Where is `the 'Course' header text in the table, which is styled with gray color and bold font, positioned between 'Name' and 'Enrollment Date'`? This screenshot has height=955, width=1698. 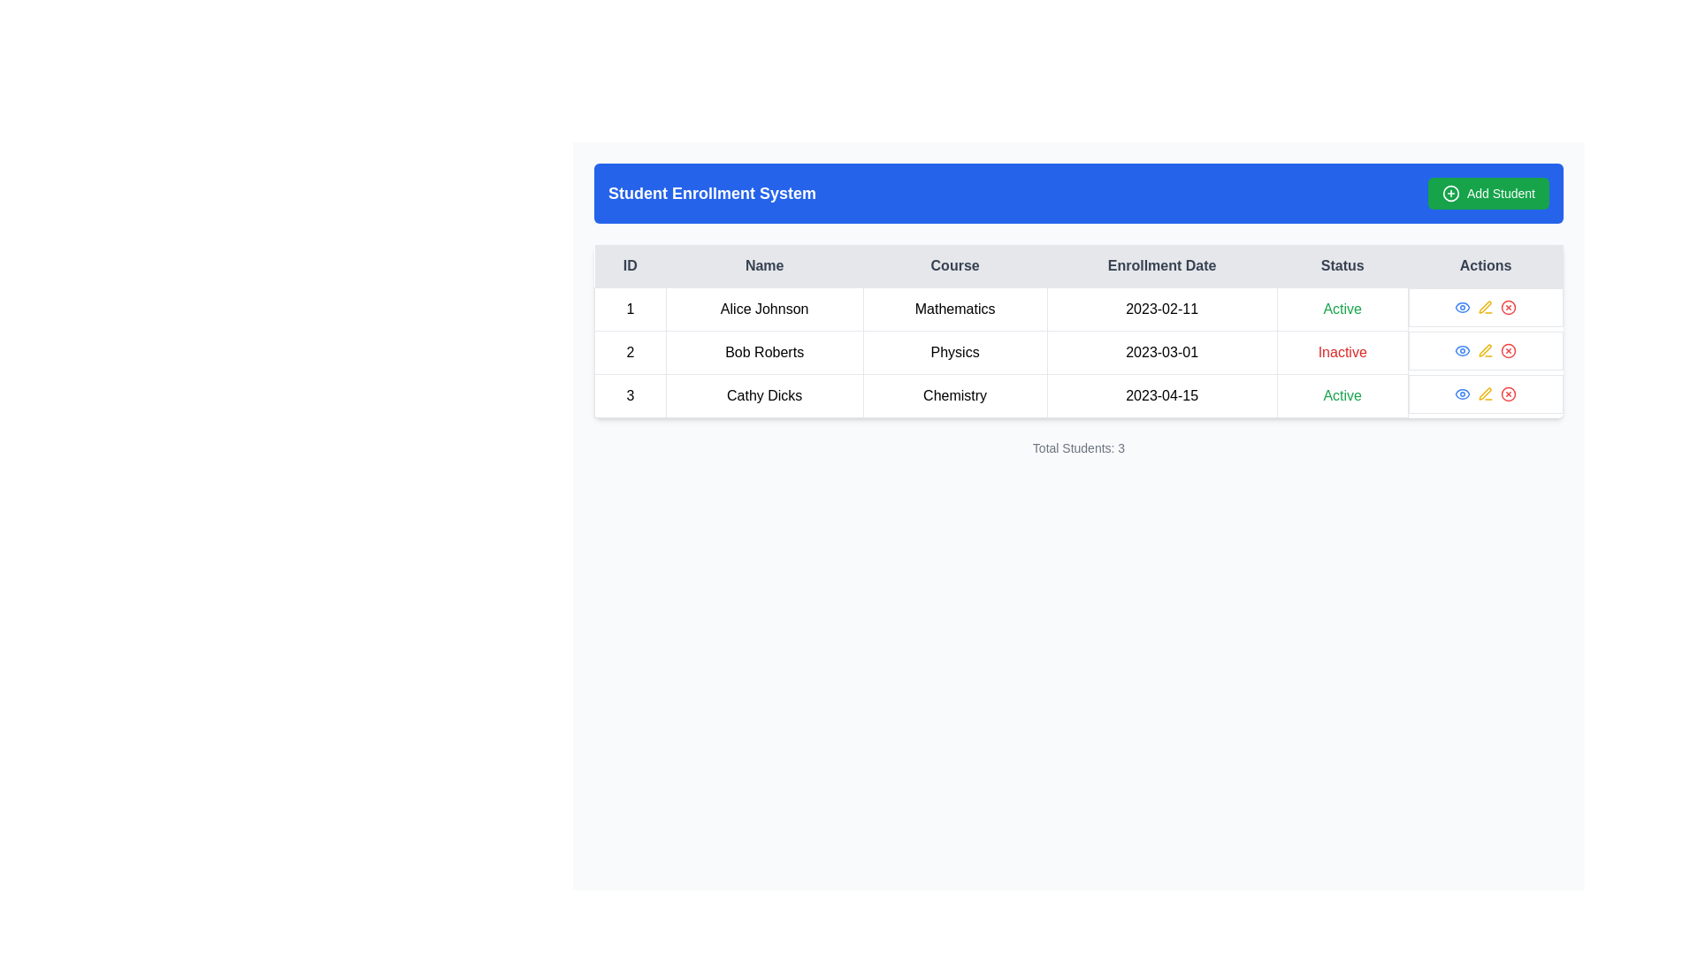
the 'Course' header text in the table, which is styled with gray color and bold font, positioned between 'Name' and 'Enrollment Date' is located at coordinates (954, 266).